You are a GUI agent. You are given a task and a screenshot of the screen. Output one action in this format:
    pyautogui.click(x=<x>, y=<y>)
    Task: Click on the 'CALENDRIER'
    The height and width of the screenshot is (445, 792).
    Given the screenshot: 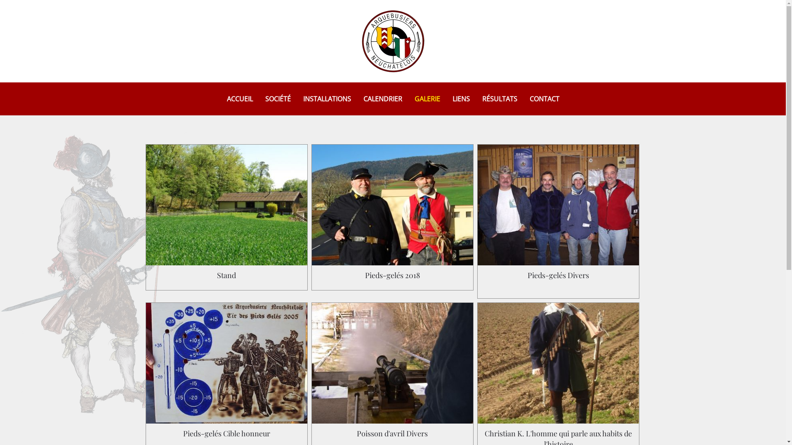 What is the action you would take?
    pyautogui.click(x=382, y=98)
    